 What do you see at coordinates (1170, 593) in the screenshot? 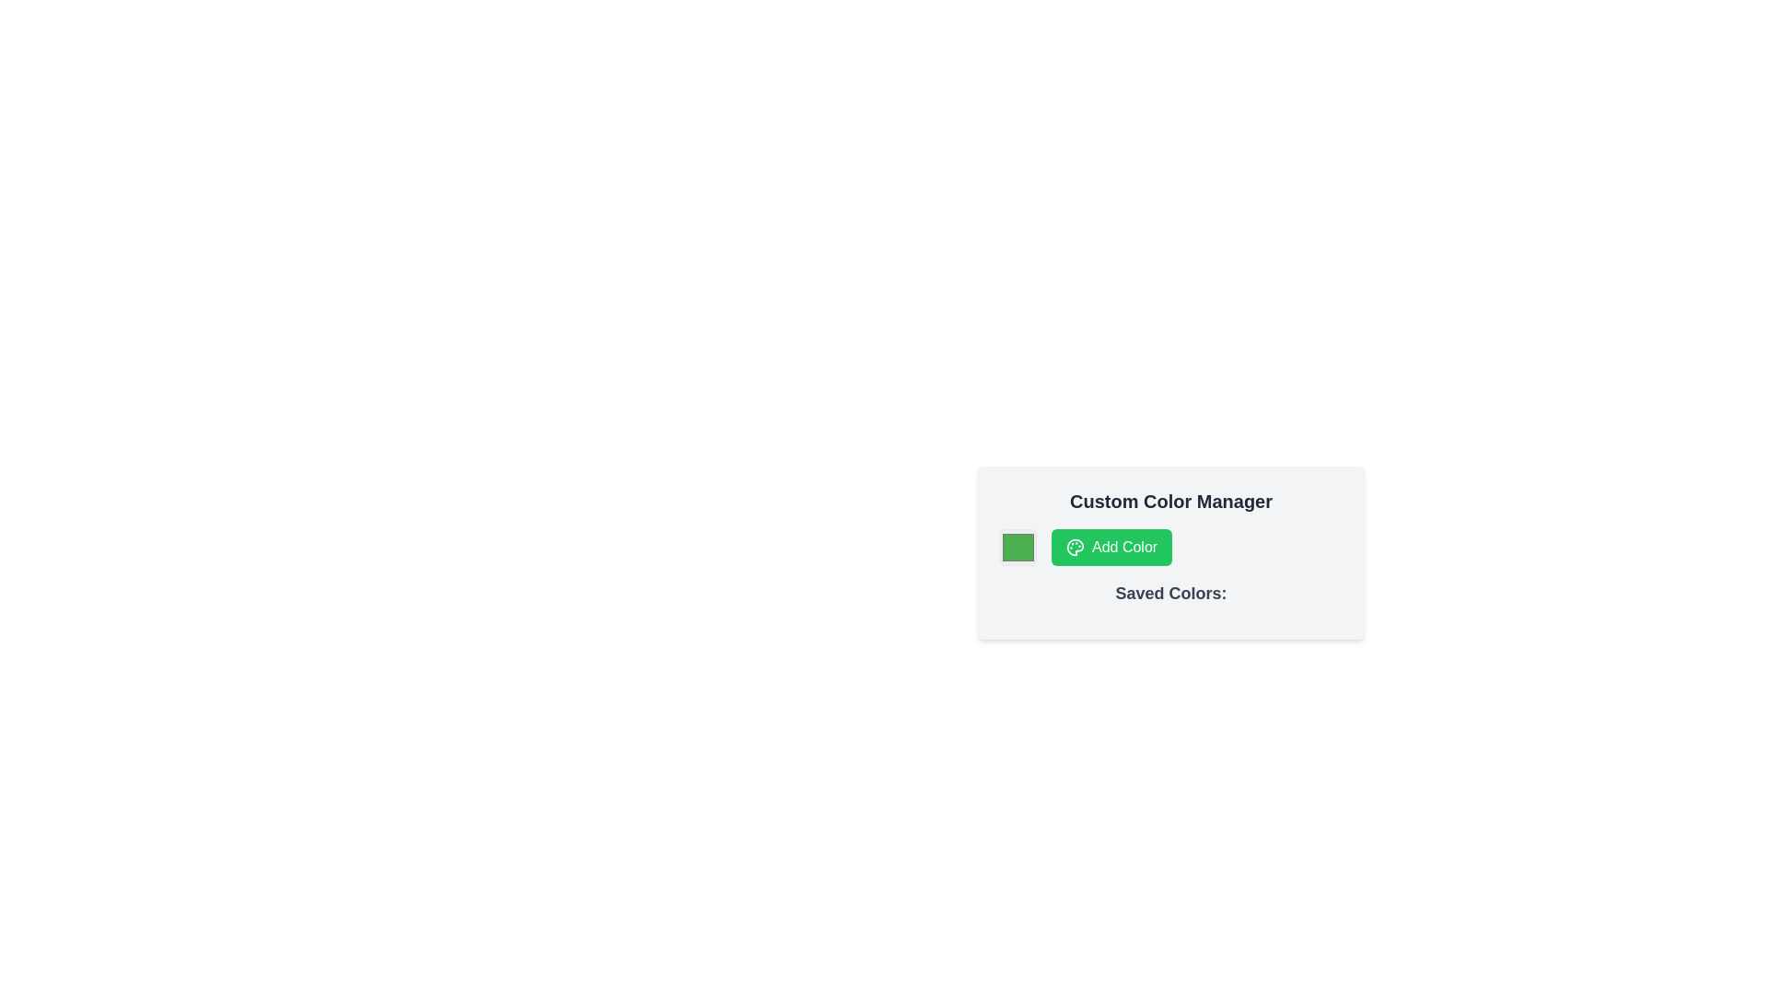
I see `the text label 'Saved Colors:' which is styled with a large, bold font and is located below the 'Add Color' button in the 'Custom Color Manager' box` at bounding box center [1170, 593].